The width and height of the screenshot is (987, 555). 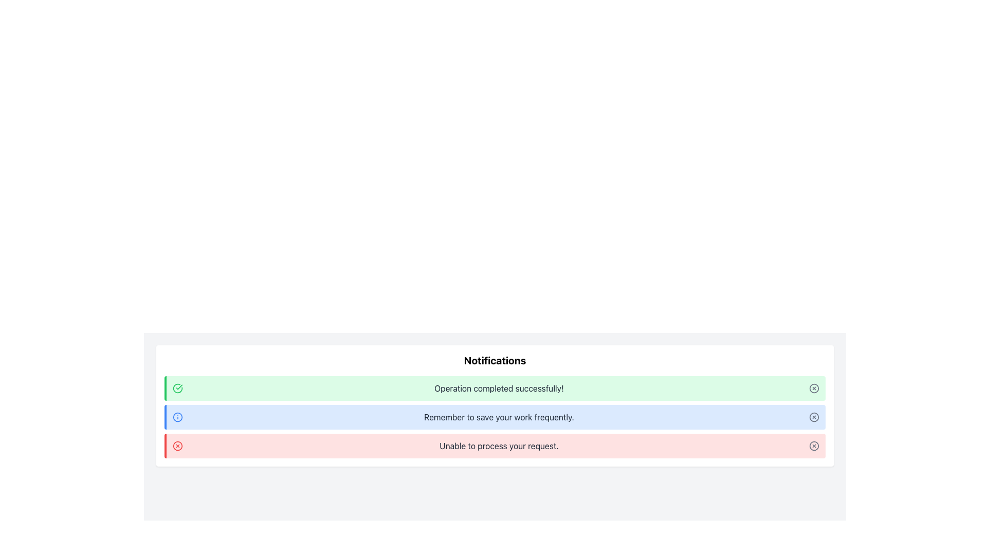 What do you see at coordinates (814, 417) in the screenshot?
I see `the close button icon, which is a small circle with an 'X' inside, located at the right end of the notification message bar` at bounding box center [814, 417].